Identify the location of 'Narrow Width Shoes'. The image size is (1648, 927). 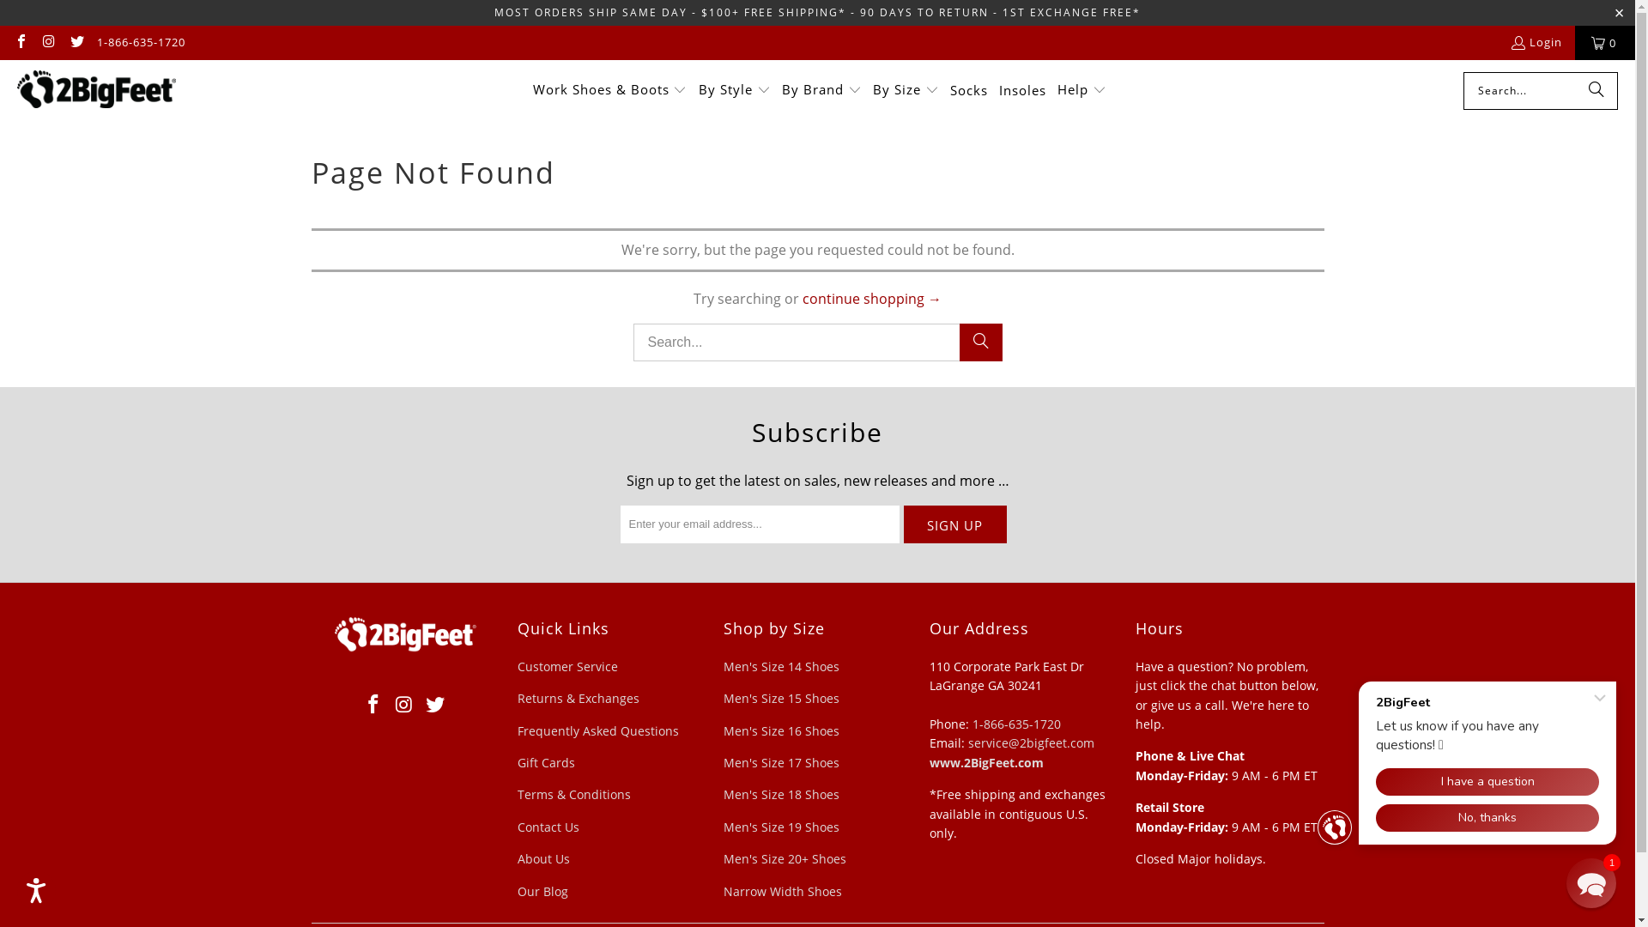
(781, 890).